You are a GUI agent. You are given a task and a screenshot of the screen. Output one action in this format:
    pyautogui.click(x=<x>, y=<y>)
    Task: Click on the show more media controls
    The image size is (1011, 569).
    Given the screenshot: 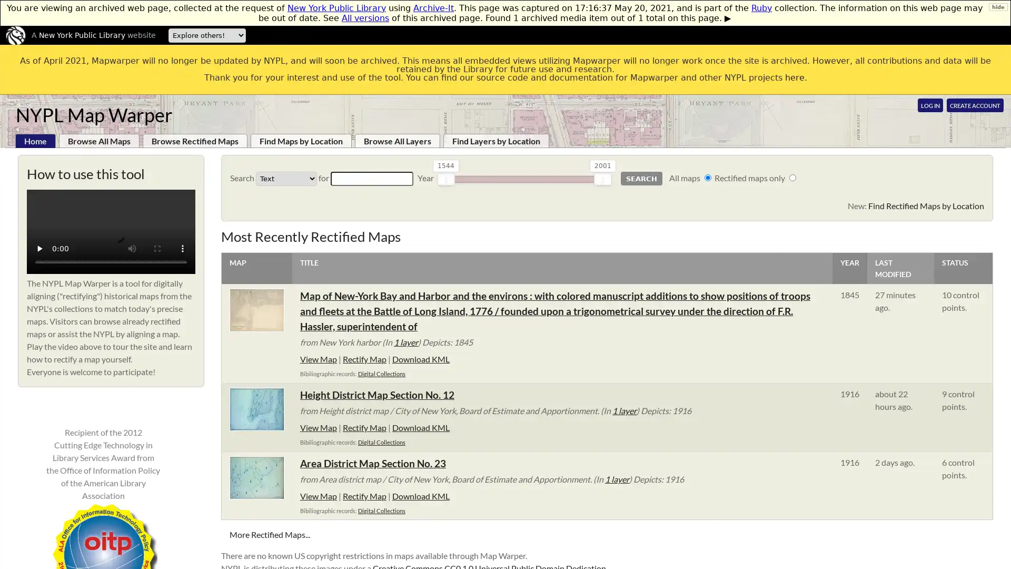 What is the action you would take?
    pyautogui.click(x=182, y=248)
    